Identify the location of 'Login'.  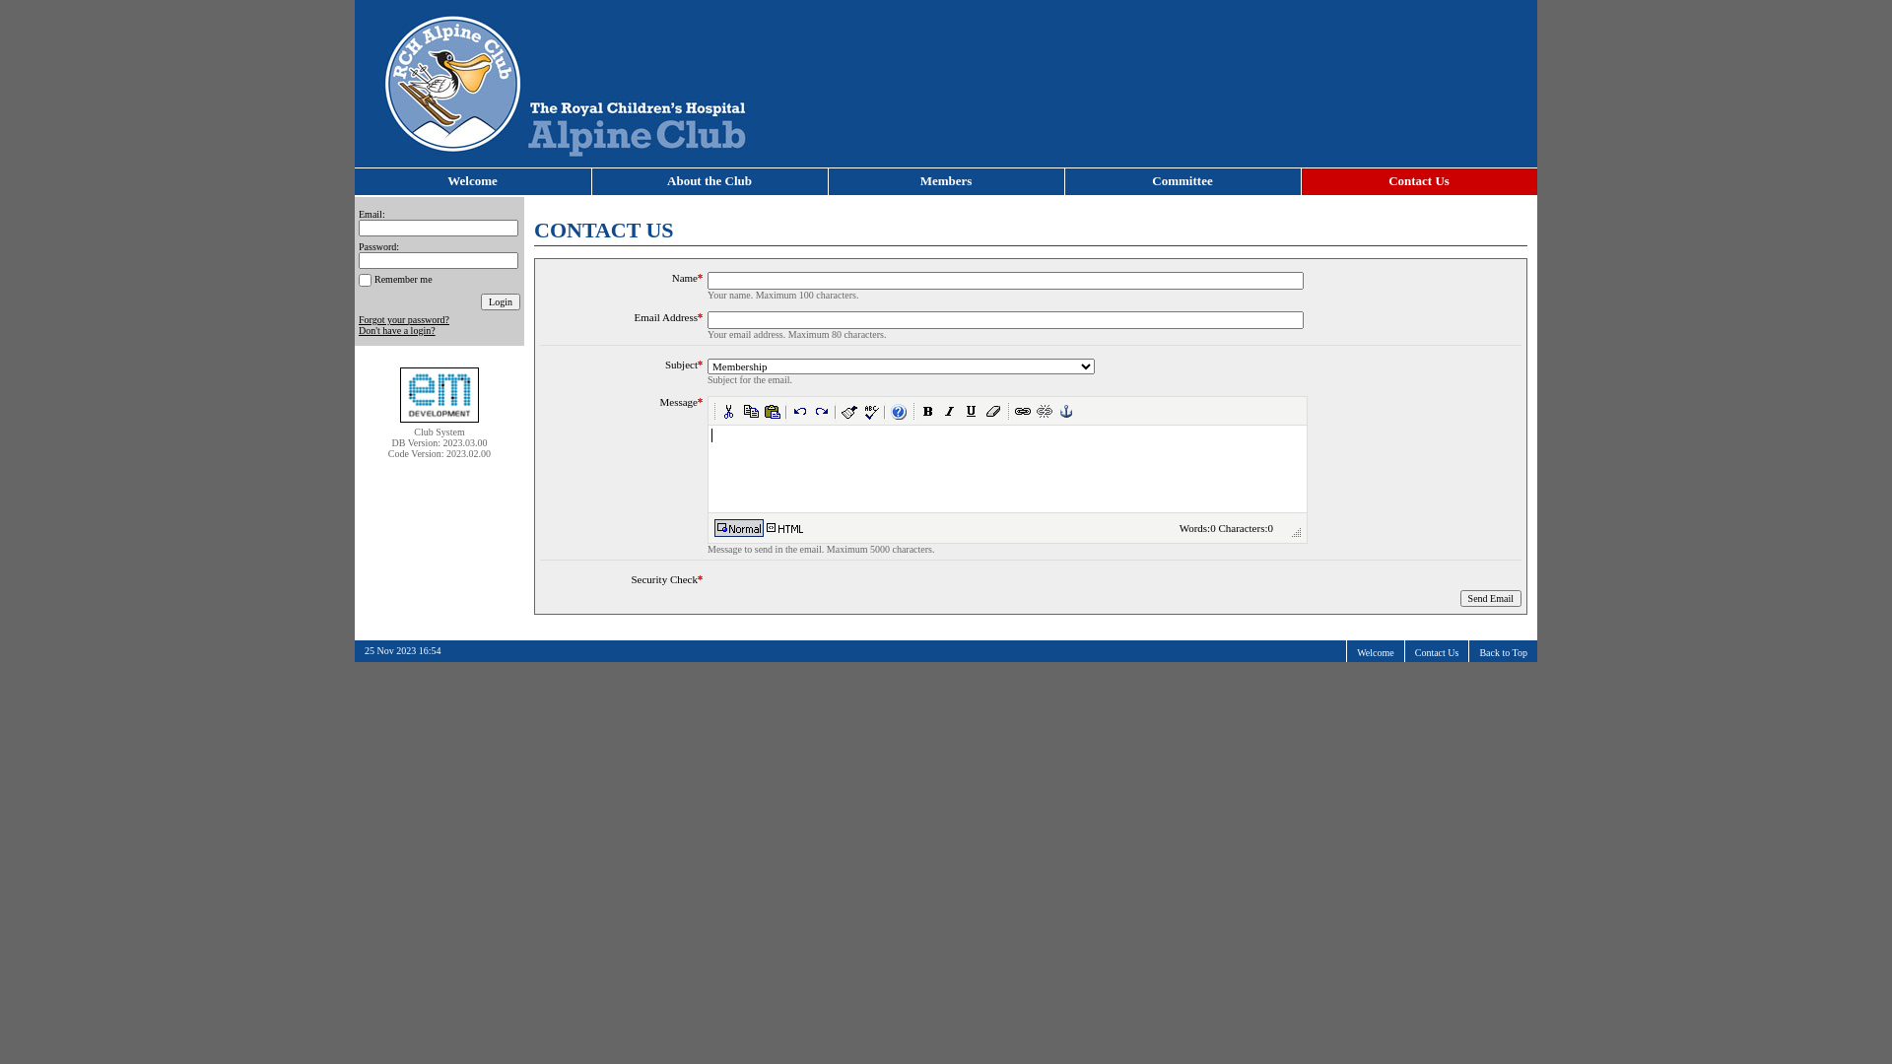
(501, 301).